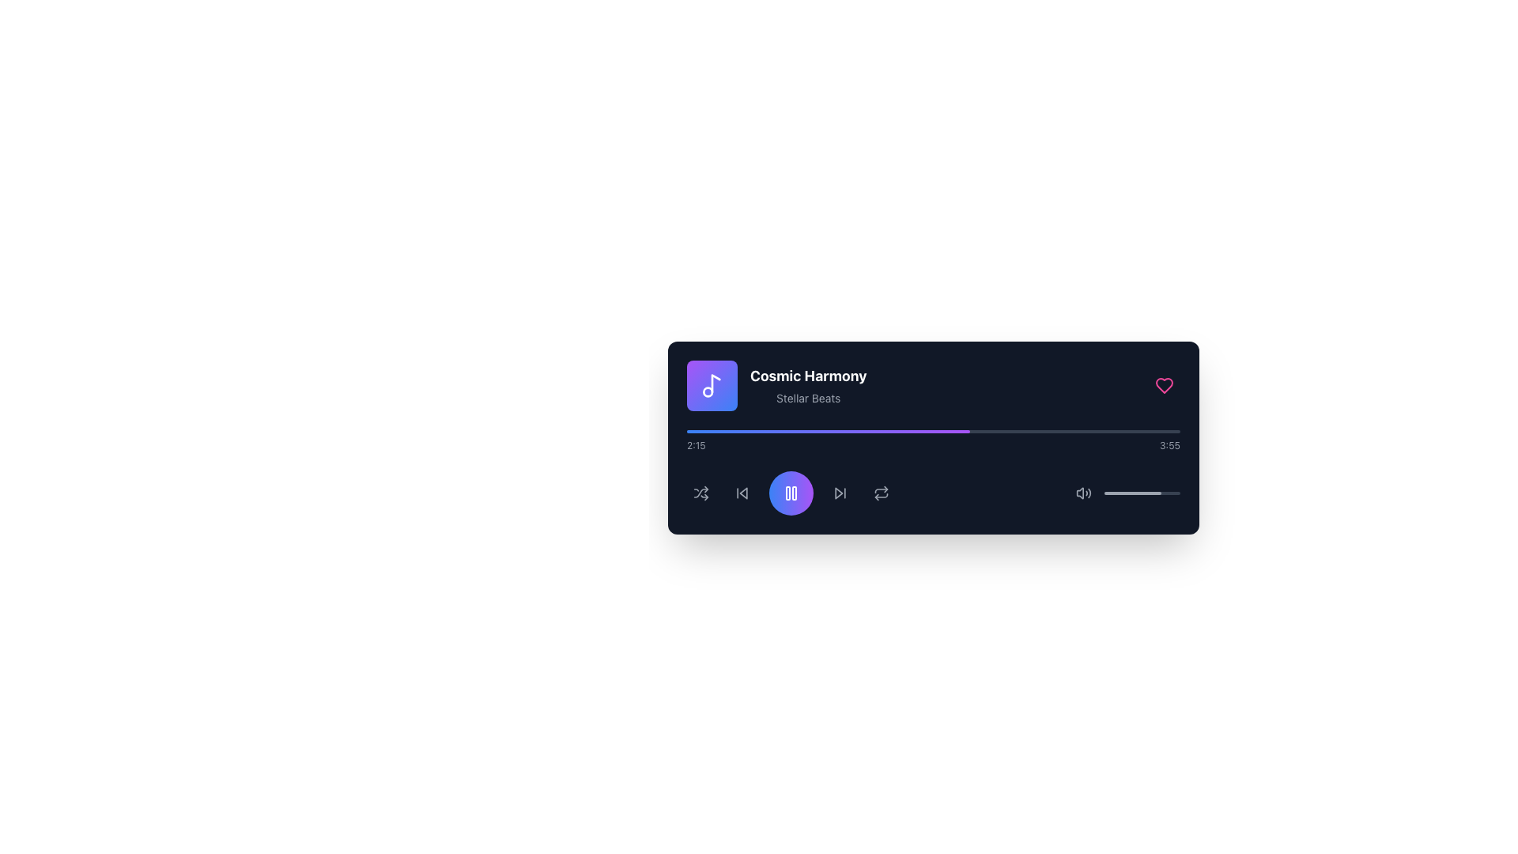  What do you see at coordinates (1142, 493) in the screenshot?
I see `the volume level indicator progress bar located near the bottom-right corner of the audio player interface, directly below the volume icon` at bounding box center [1142, 493].